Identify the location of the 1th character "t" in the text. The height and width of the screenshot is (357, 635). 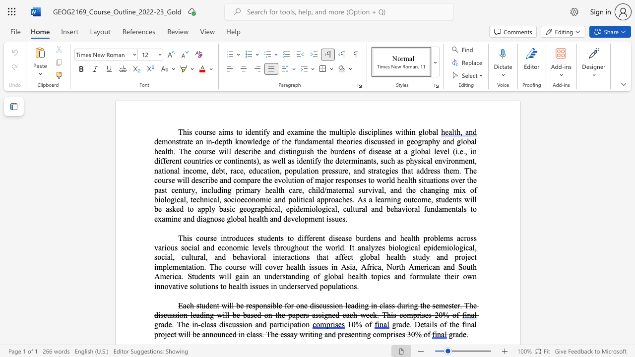
(450, 324).